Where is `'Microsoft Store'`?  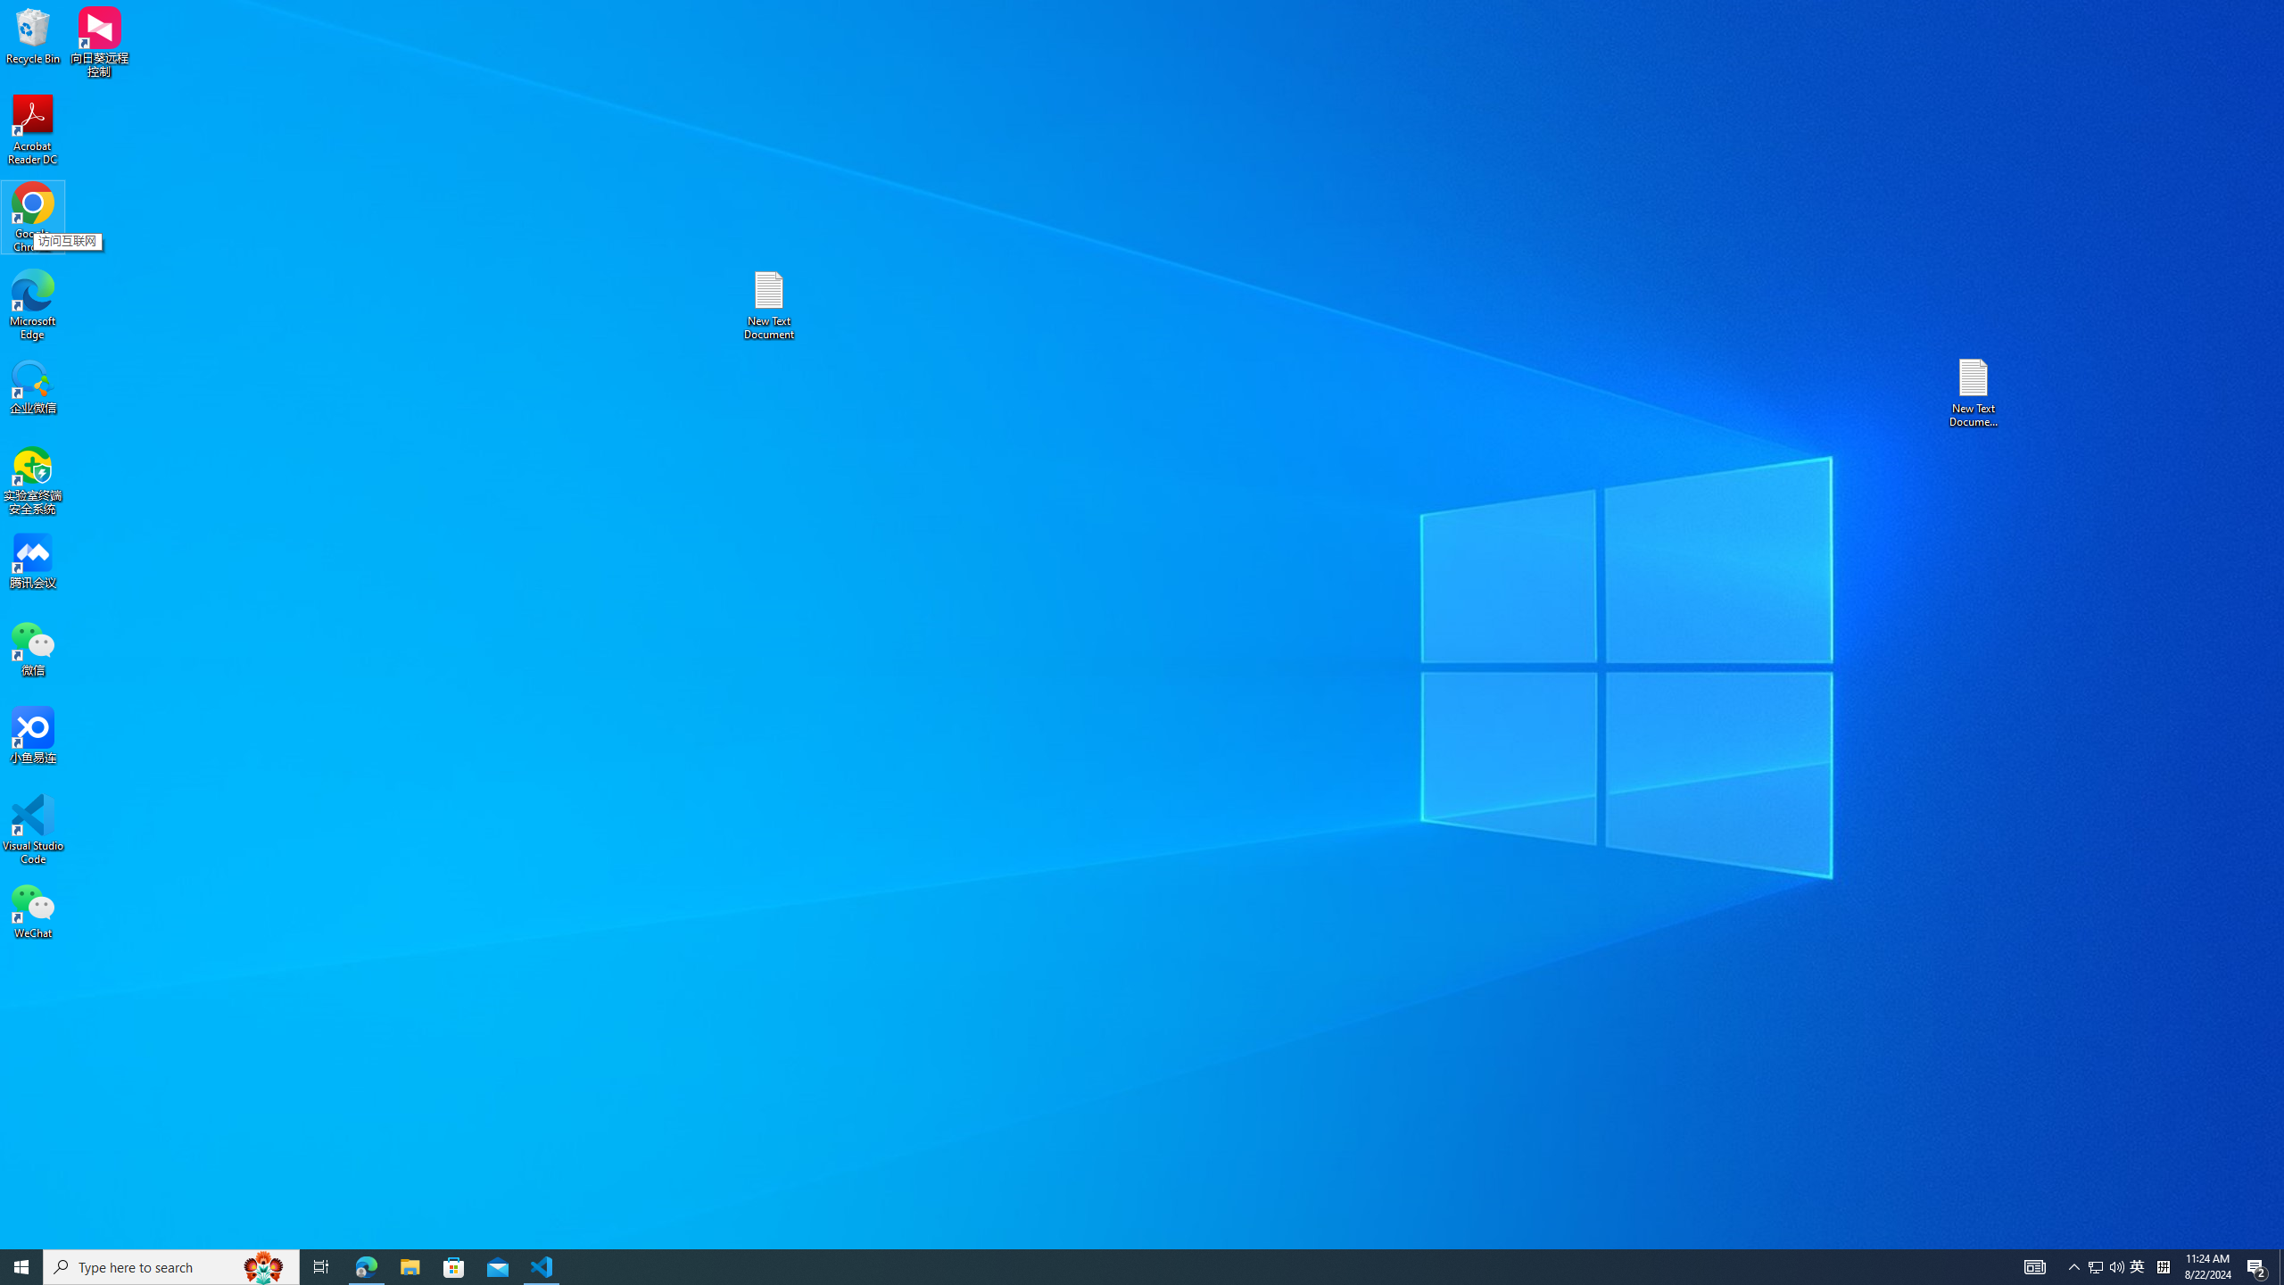 'Microsoft Store' is located at coordinates (454, 1265).